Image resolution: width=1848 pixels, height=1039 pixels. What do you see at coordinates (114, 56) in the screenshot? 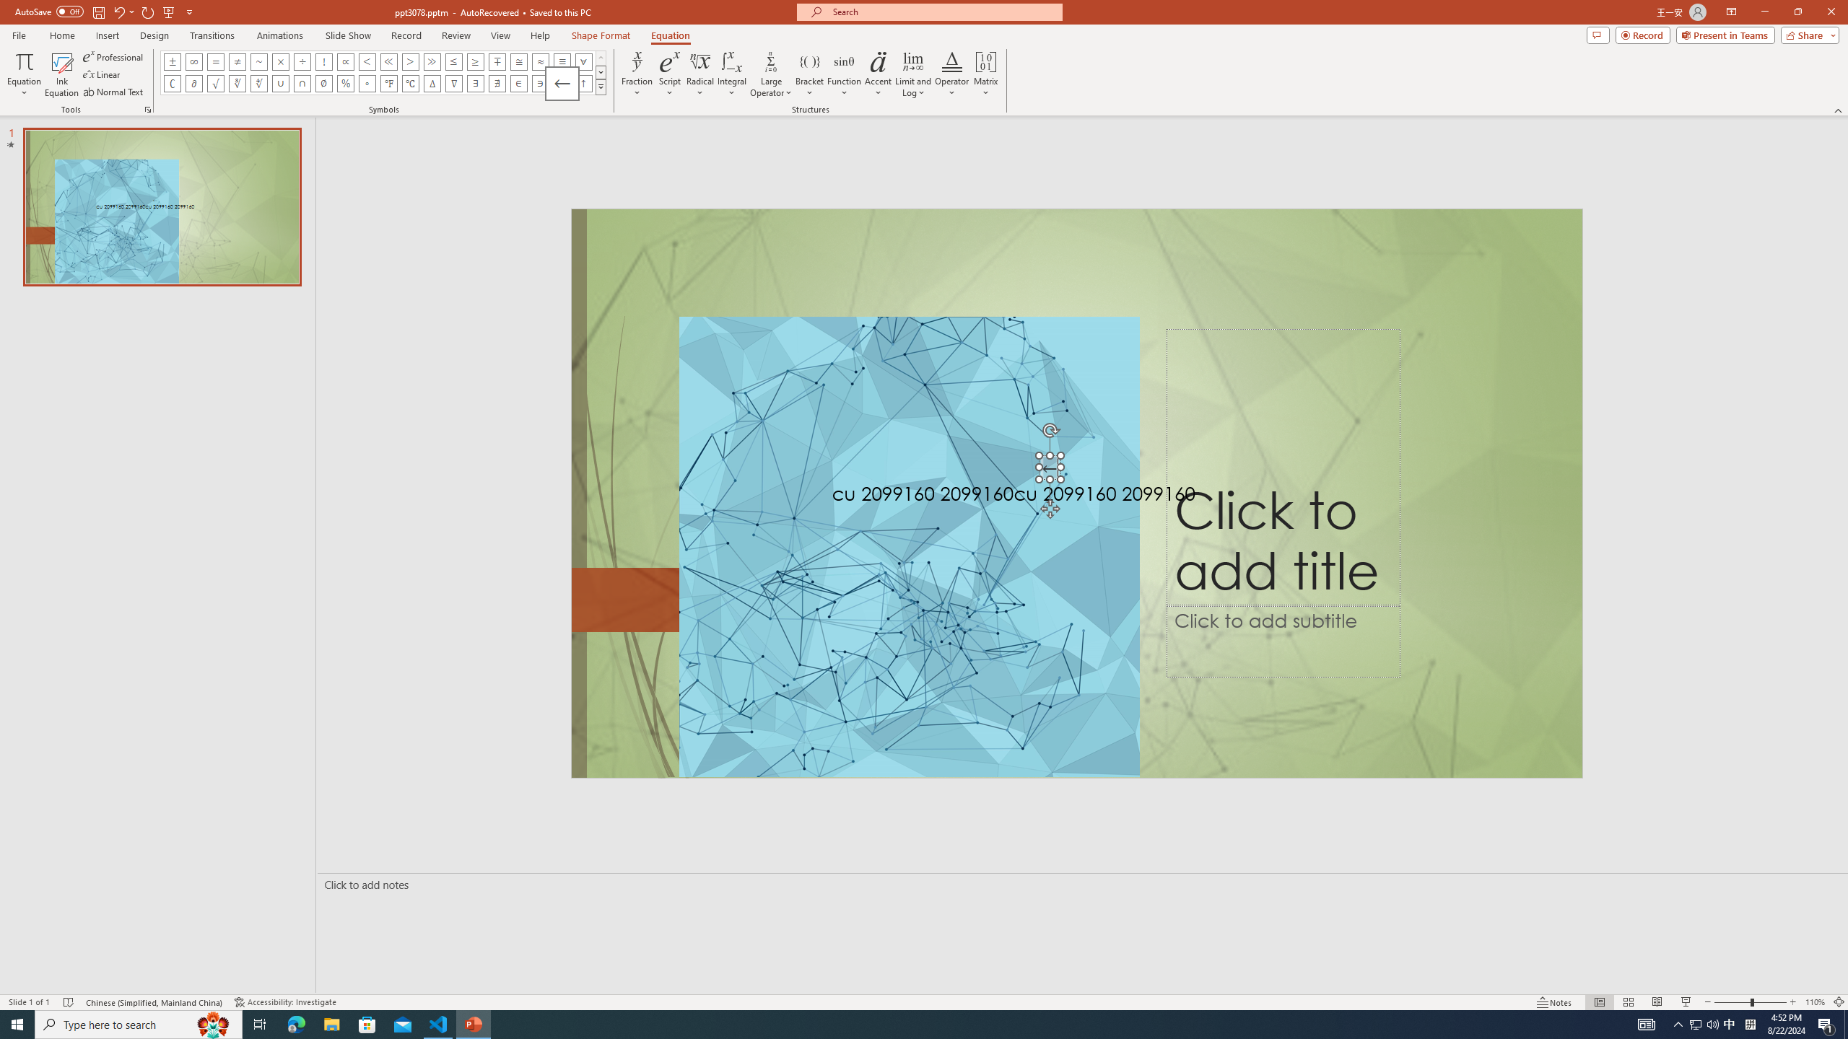
I see `'Professional'` at bounding box center [114, 56].